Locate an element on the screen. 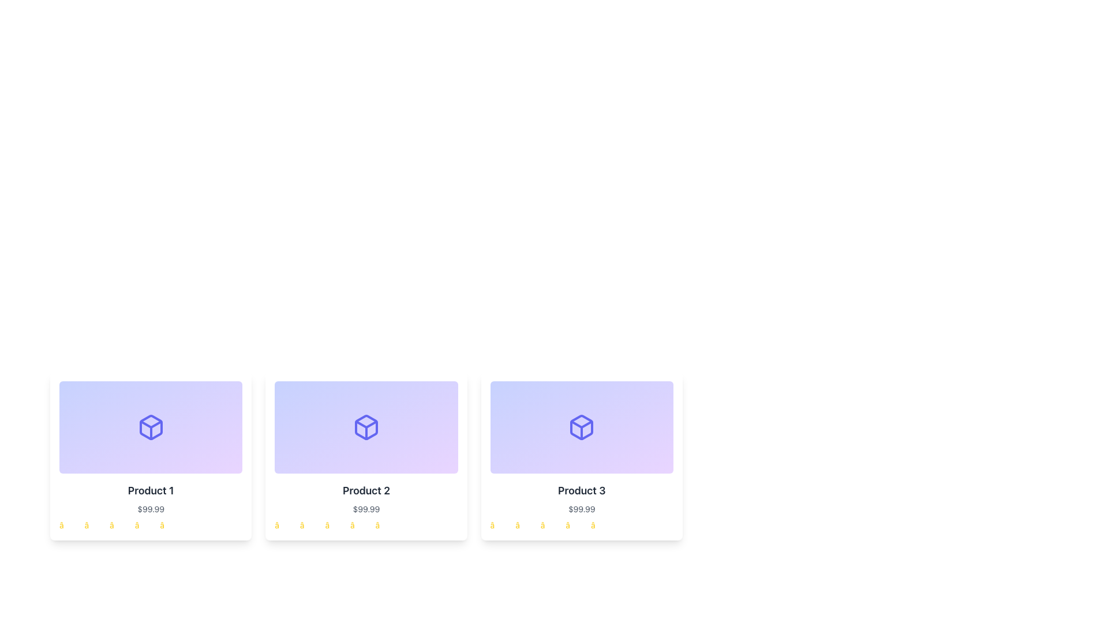 Image resolution: width=1108 pixels, height=623 pixels. the non-interactive rating display consisting of five yellow star icons located at the bottom of Product 1 card, which is the first card in a row of three product cards is located at coordinates (150, 525).